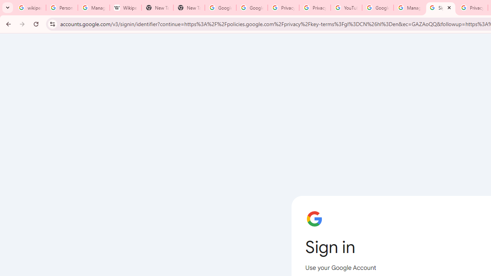  Describe the element at coordinates (377, 8) in the screenshot. I see `'Google Account Help'` at that location.